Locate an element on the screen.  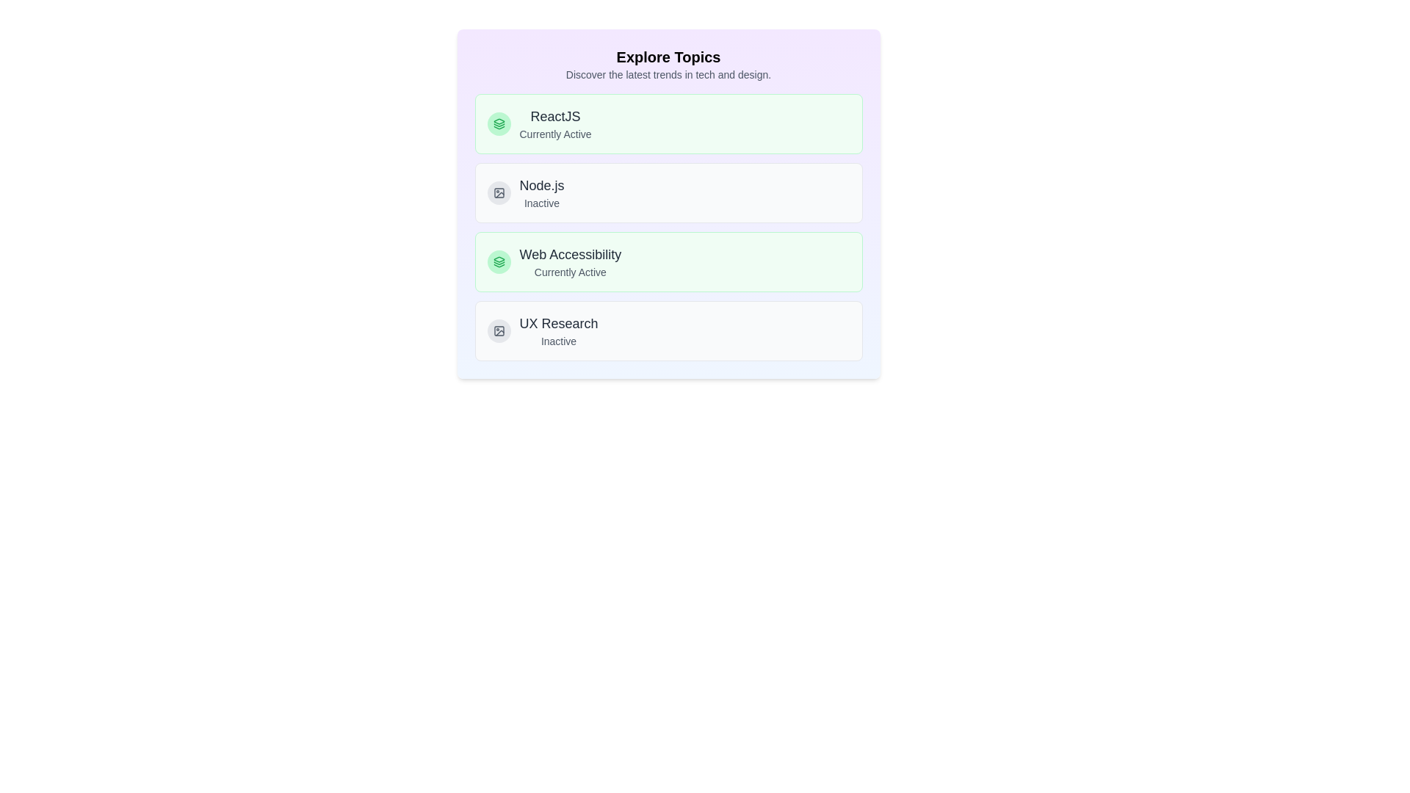
the topic ReactJS is located at coordinates (668, 123).